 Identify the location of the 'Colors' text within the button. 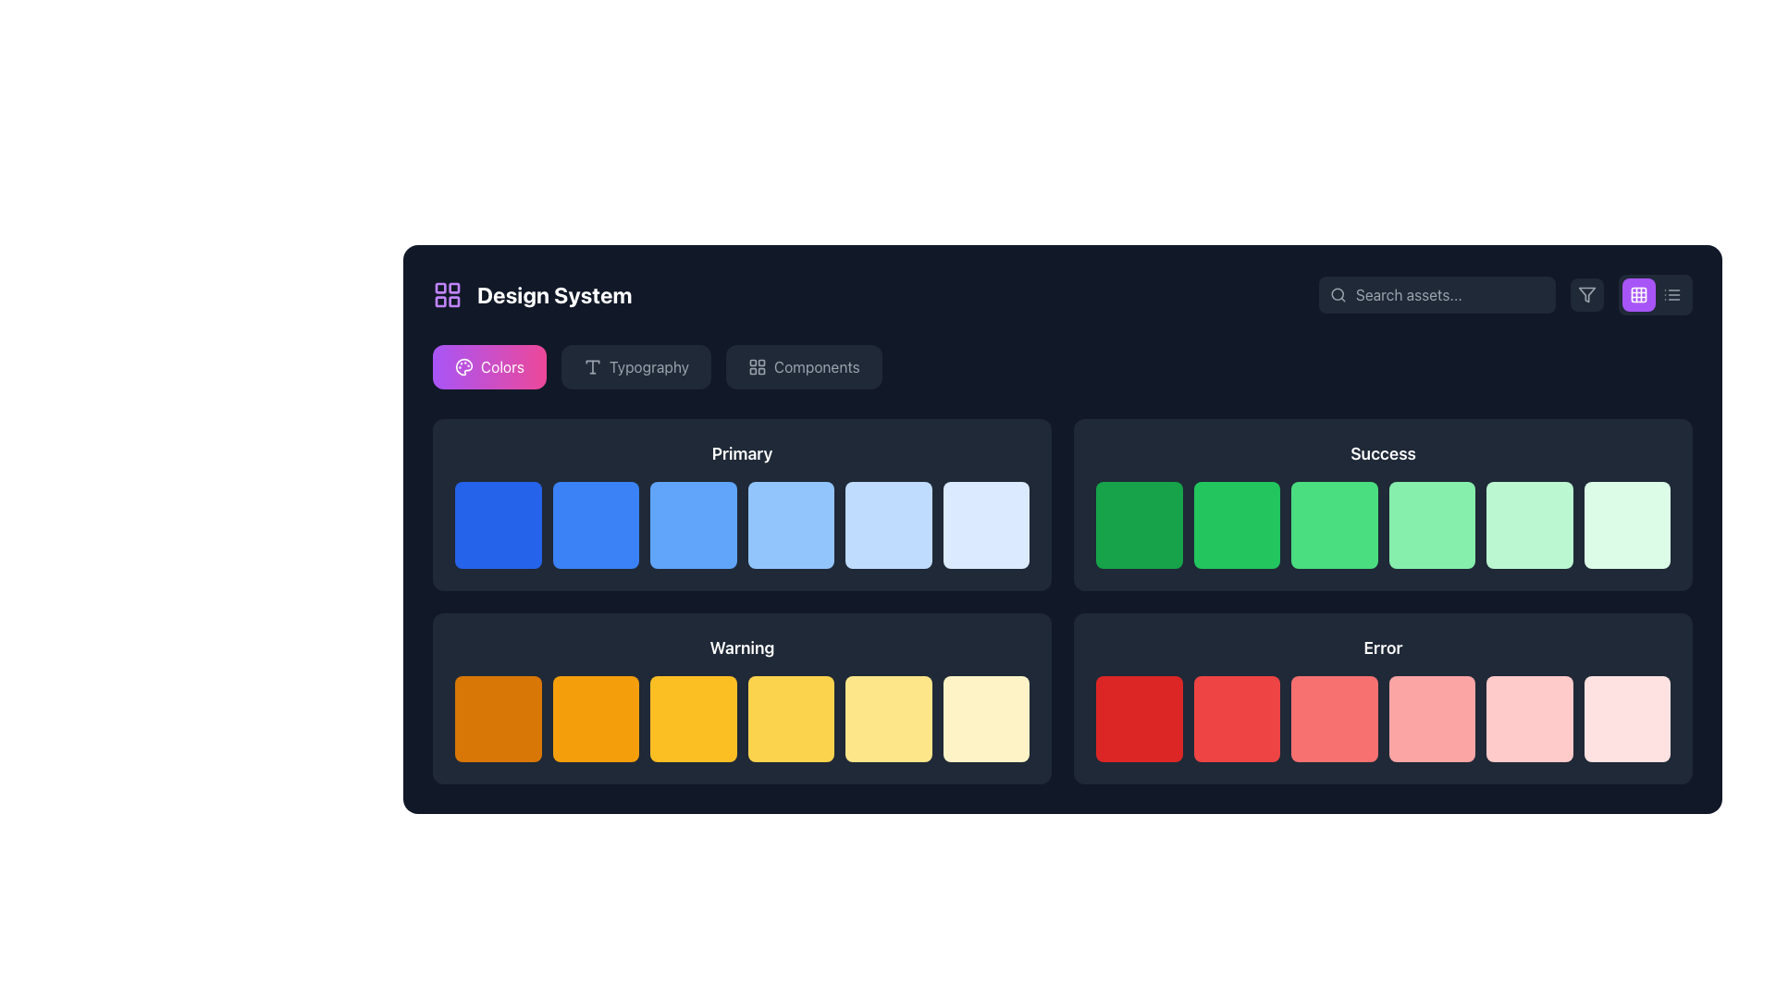
(501, 367).